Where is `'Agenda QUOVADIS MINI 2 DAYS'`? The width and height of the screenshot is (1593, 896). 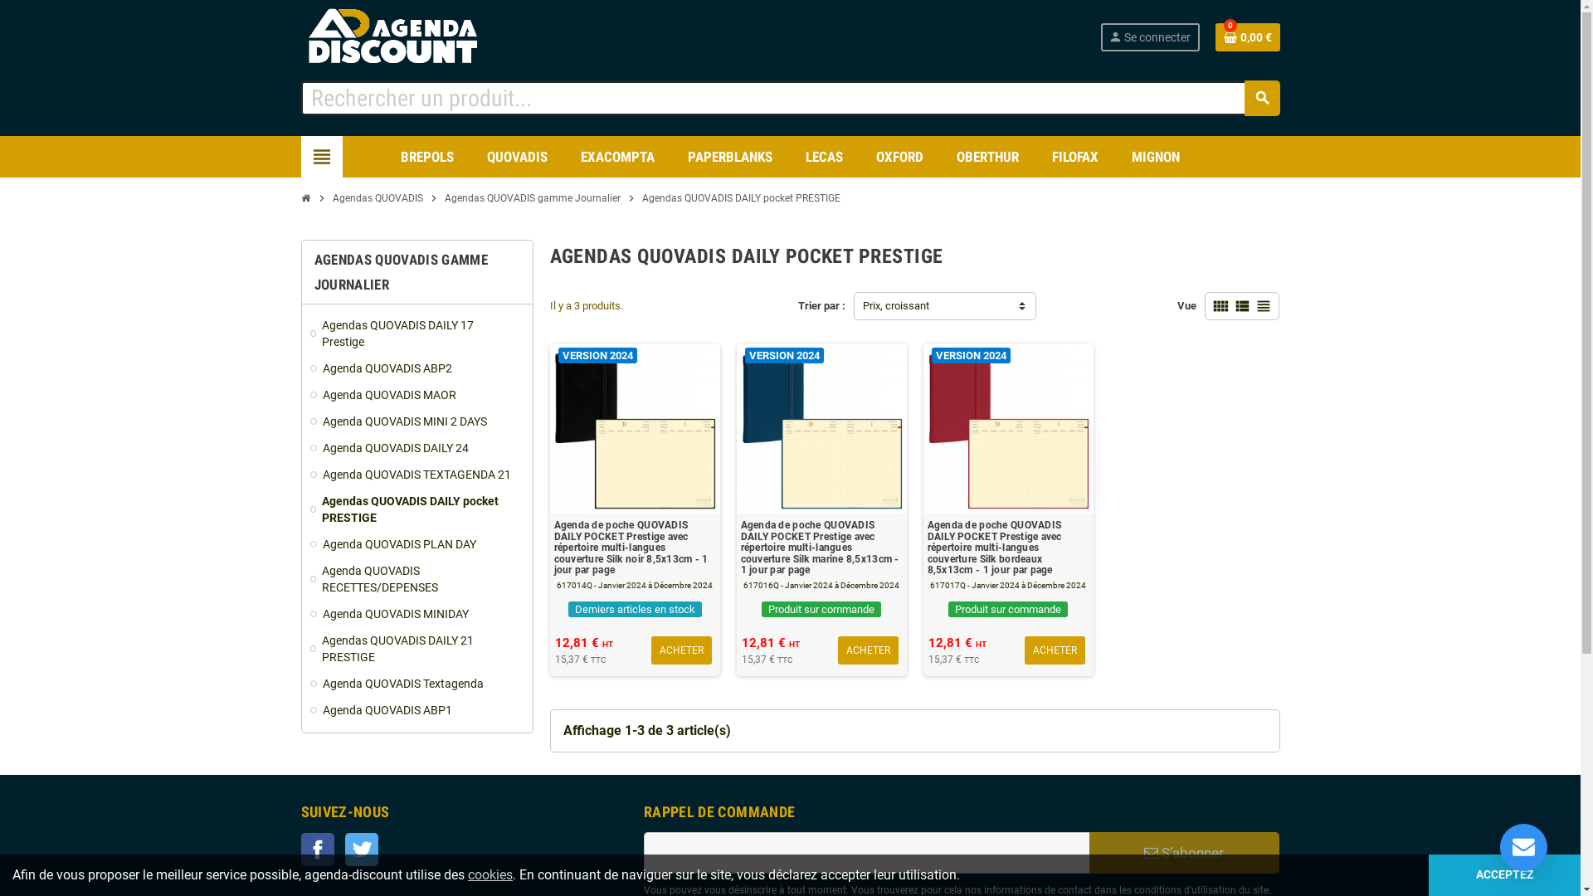 'Agenda QUOVADIS MINI 2 DAYS' is located at coordinates (417, 421).